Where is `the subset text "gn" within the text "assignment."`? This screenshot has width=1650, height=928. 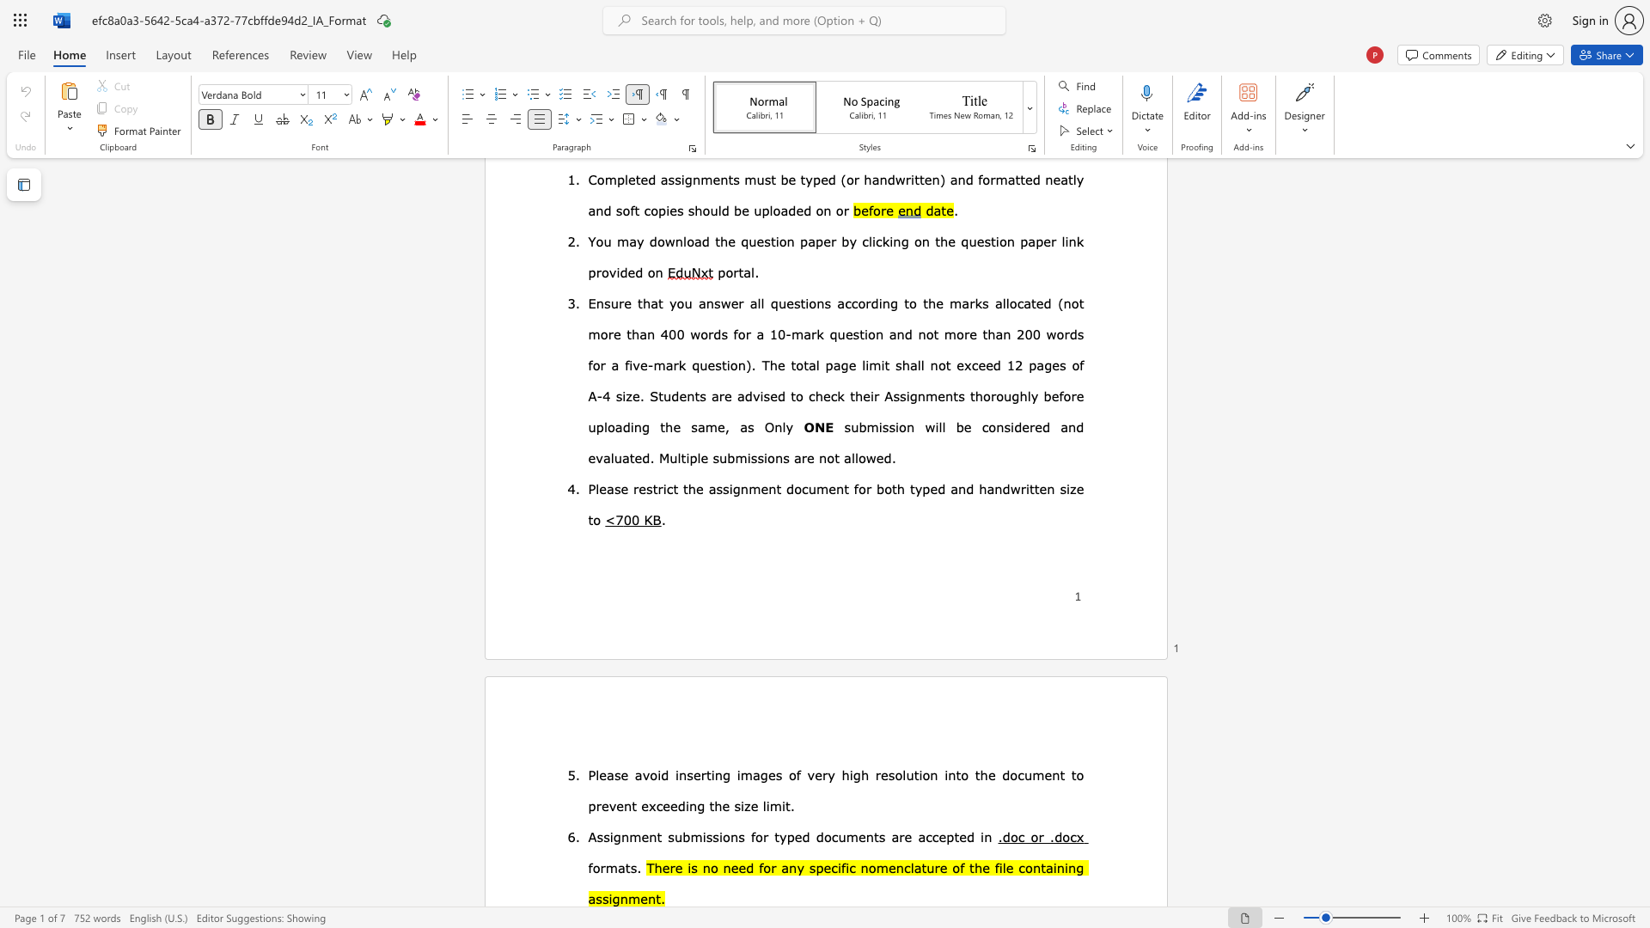 the subset text "gn" within the text "assignment." is located at coordinates (612, 897).